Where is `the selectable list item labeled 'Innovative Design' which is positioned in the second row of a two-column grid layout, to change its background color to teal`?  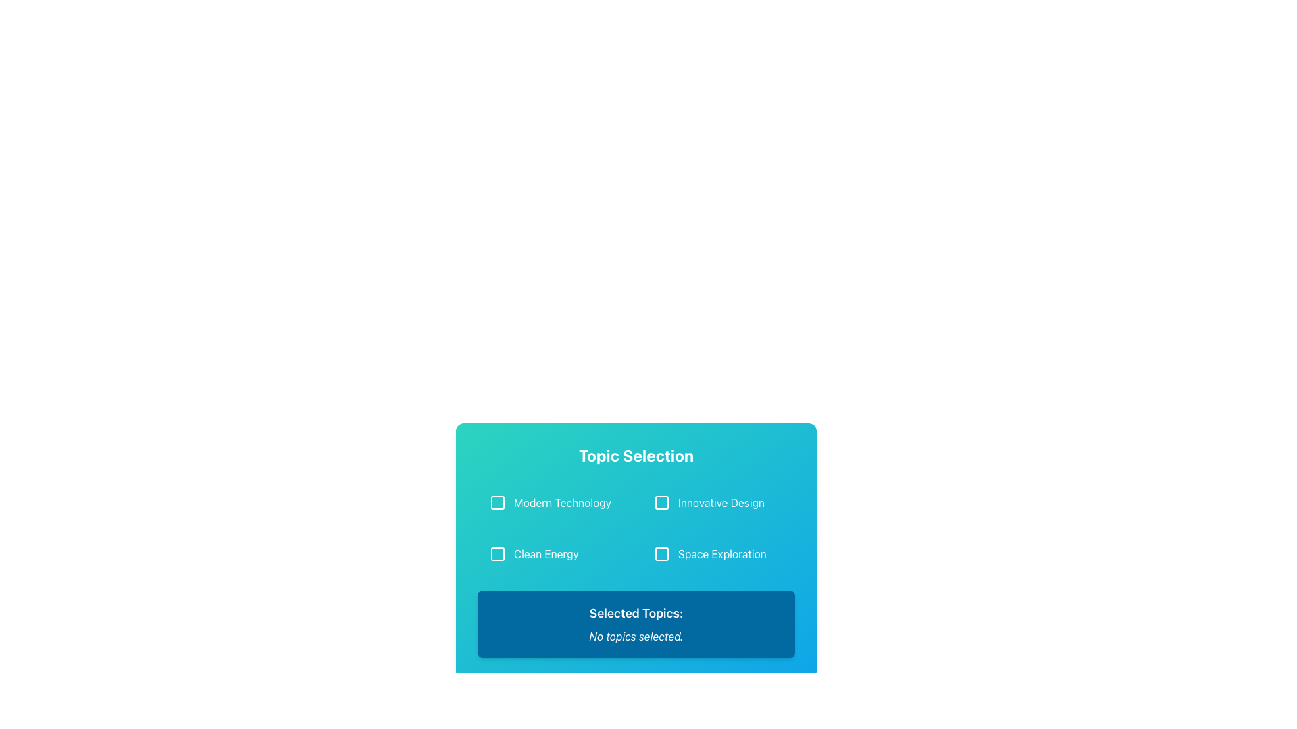
the selectable list item labeled 'Innovative Design' which is positioned in the second row of a two-column grid layout, to change its background color to teal is located at coordinates (717, 502).